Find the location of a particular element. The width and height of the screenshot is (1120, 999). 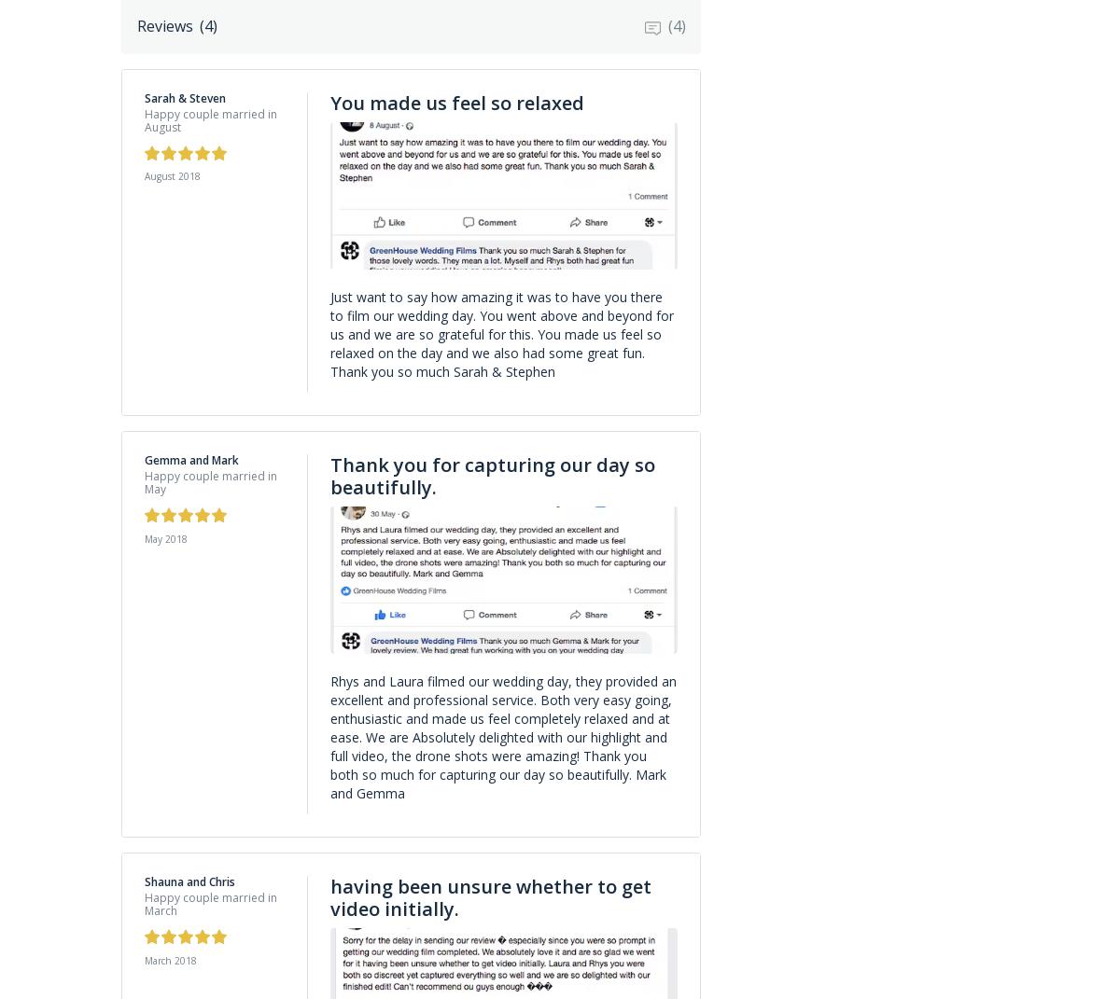

'Happy couple married in August' is located at coordinates (209, 119).